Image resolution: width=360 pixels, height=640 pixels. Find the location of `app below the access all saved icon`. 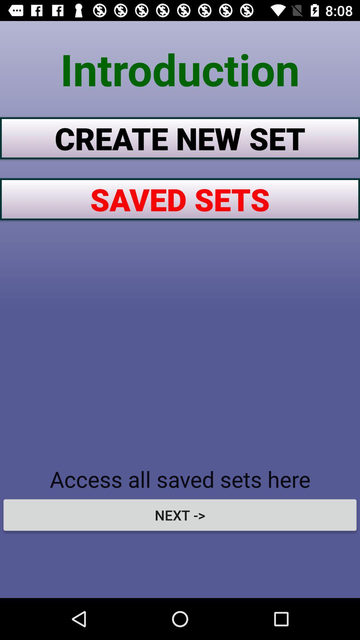

app below the access all saved icon is located at coordinates (180, 515).